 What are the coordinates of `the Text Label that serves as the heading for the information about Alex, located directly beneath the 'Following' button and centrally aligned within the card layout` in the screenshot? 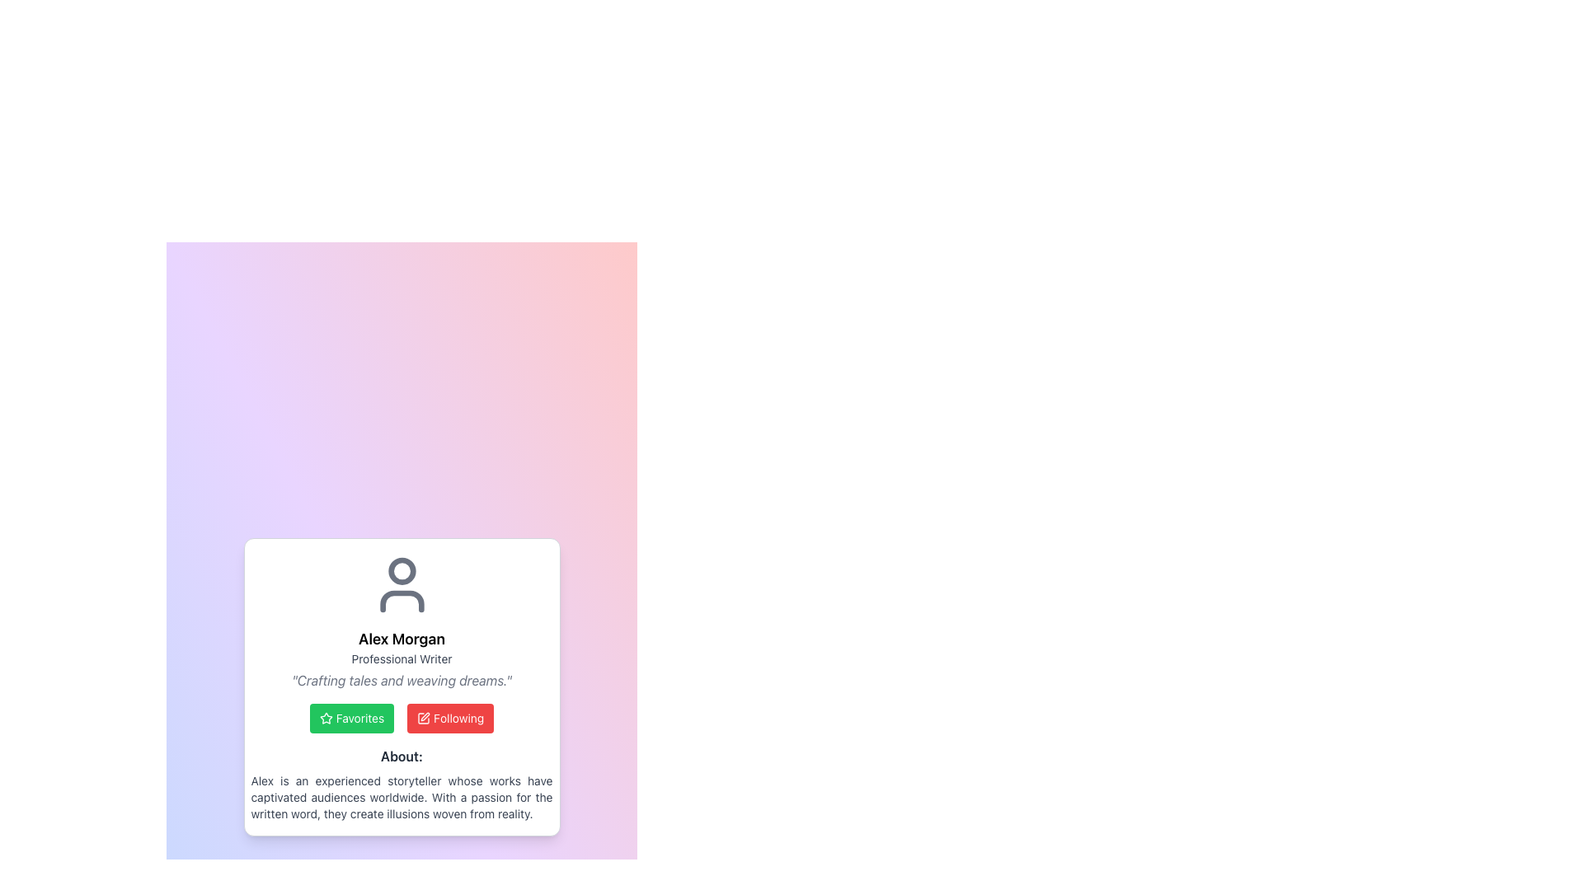 It's located at (402, 756).